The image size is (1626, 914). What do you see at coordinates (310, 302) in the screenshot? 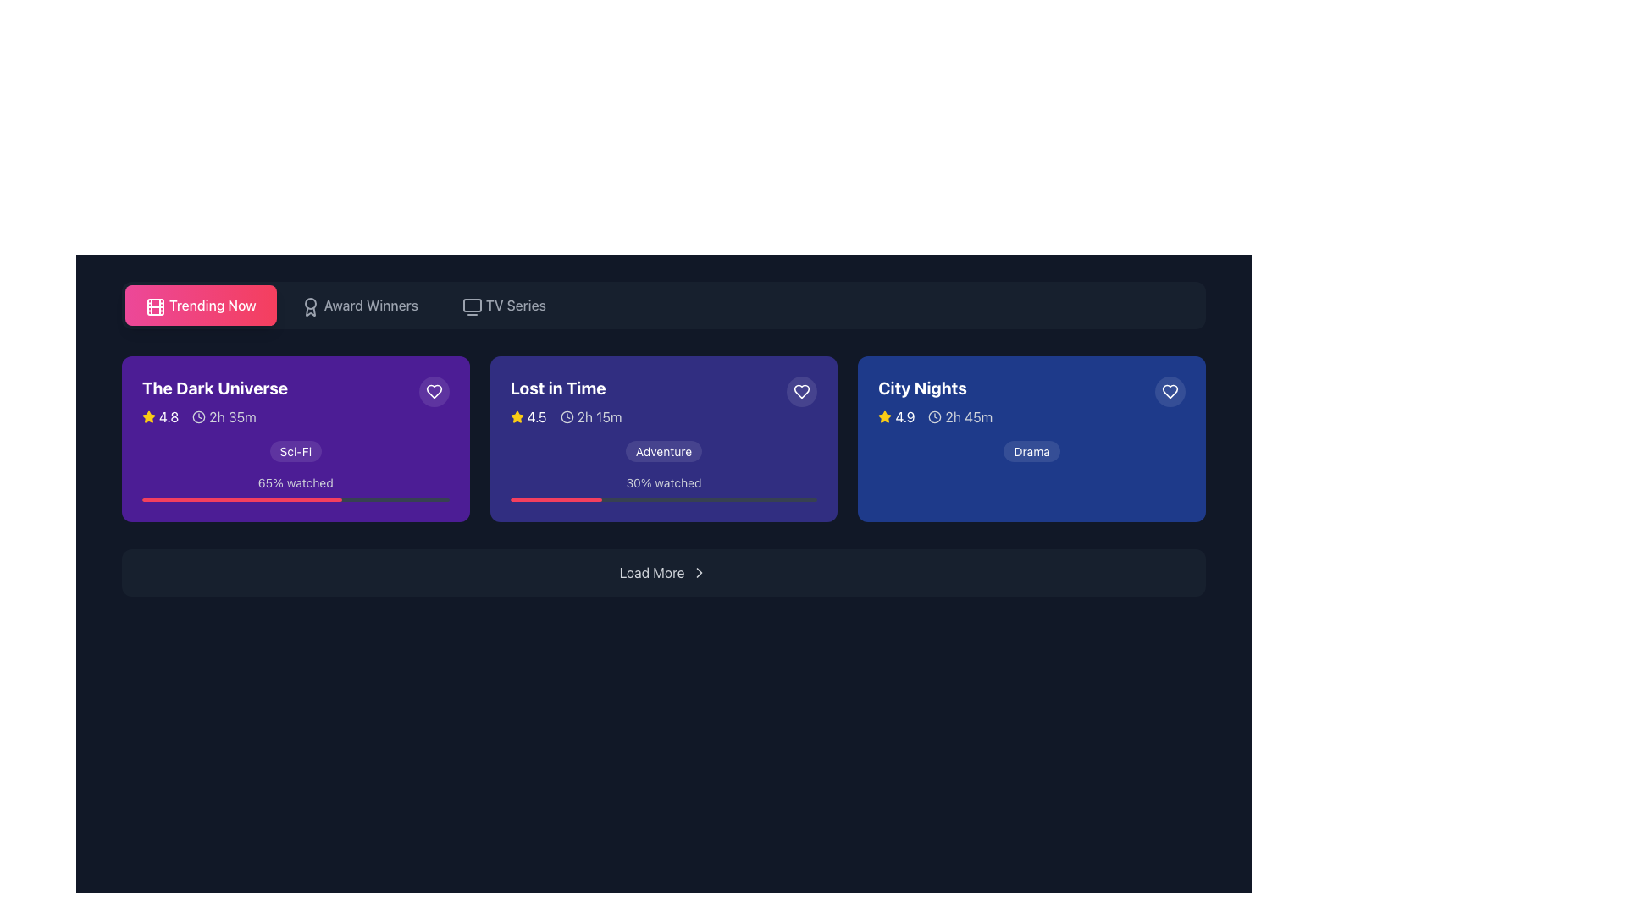
I see `the decorative circular icon located in the secondary navigation bar preceding the 'Award Winners' label` at bounding box center [310, 302].